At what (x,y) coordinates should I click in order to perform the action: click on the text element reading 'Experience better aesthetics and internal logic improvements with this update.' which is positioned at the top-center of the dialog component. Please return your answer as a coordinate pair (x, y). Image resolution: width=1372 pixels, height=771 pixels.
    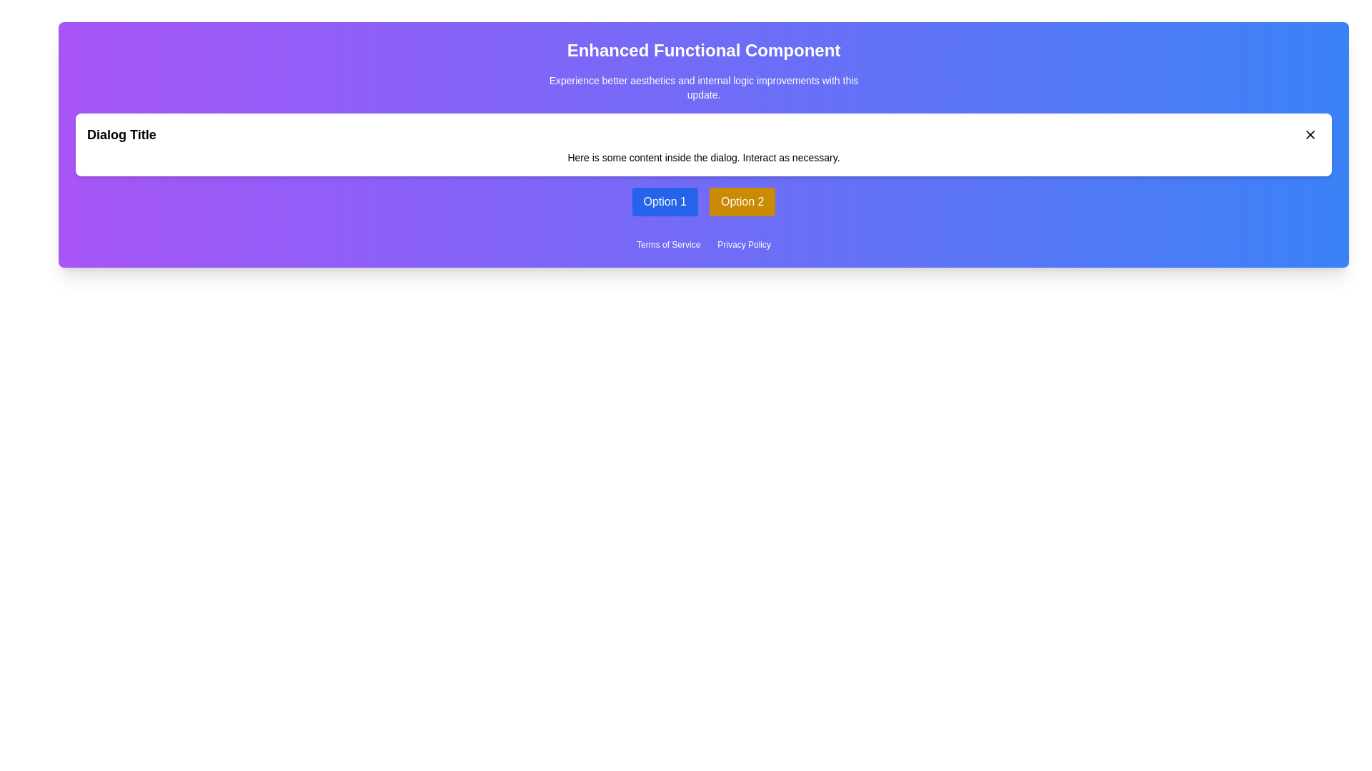
    Looking at the image, I should click on (703, 88).